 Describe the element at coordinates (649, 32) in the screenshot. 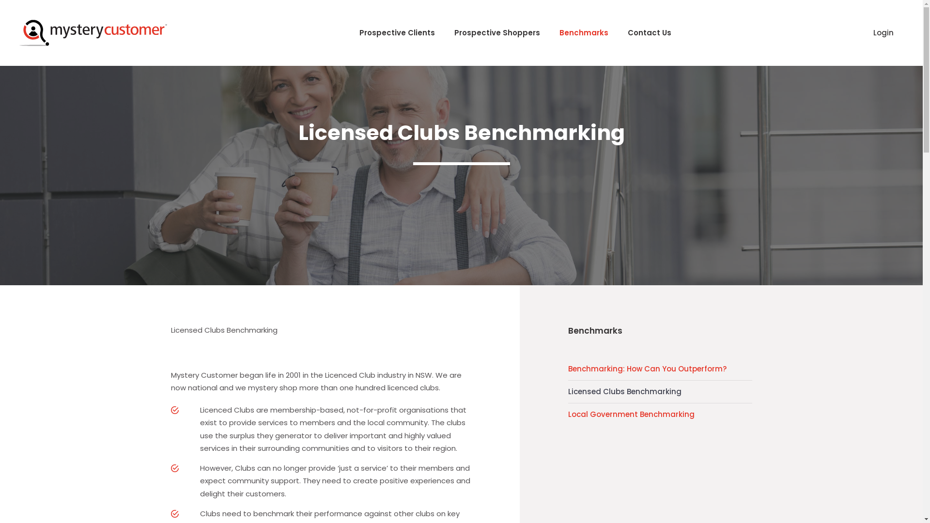

I see `'Contact Us'` at that location.